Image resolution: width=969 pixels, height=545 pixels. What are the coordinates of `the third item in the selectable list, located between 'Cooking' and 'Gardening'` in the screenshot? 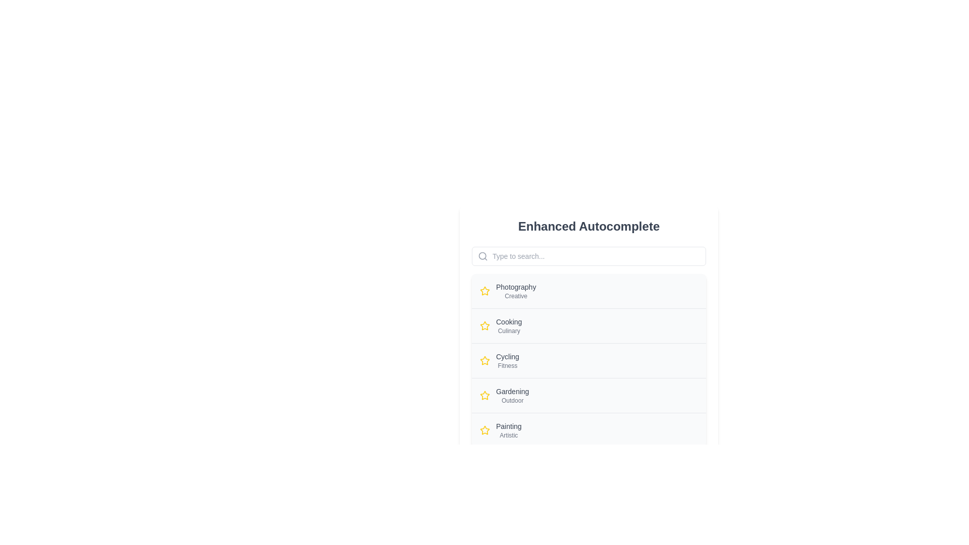 It's located at (588, 360).